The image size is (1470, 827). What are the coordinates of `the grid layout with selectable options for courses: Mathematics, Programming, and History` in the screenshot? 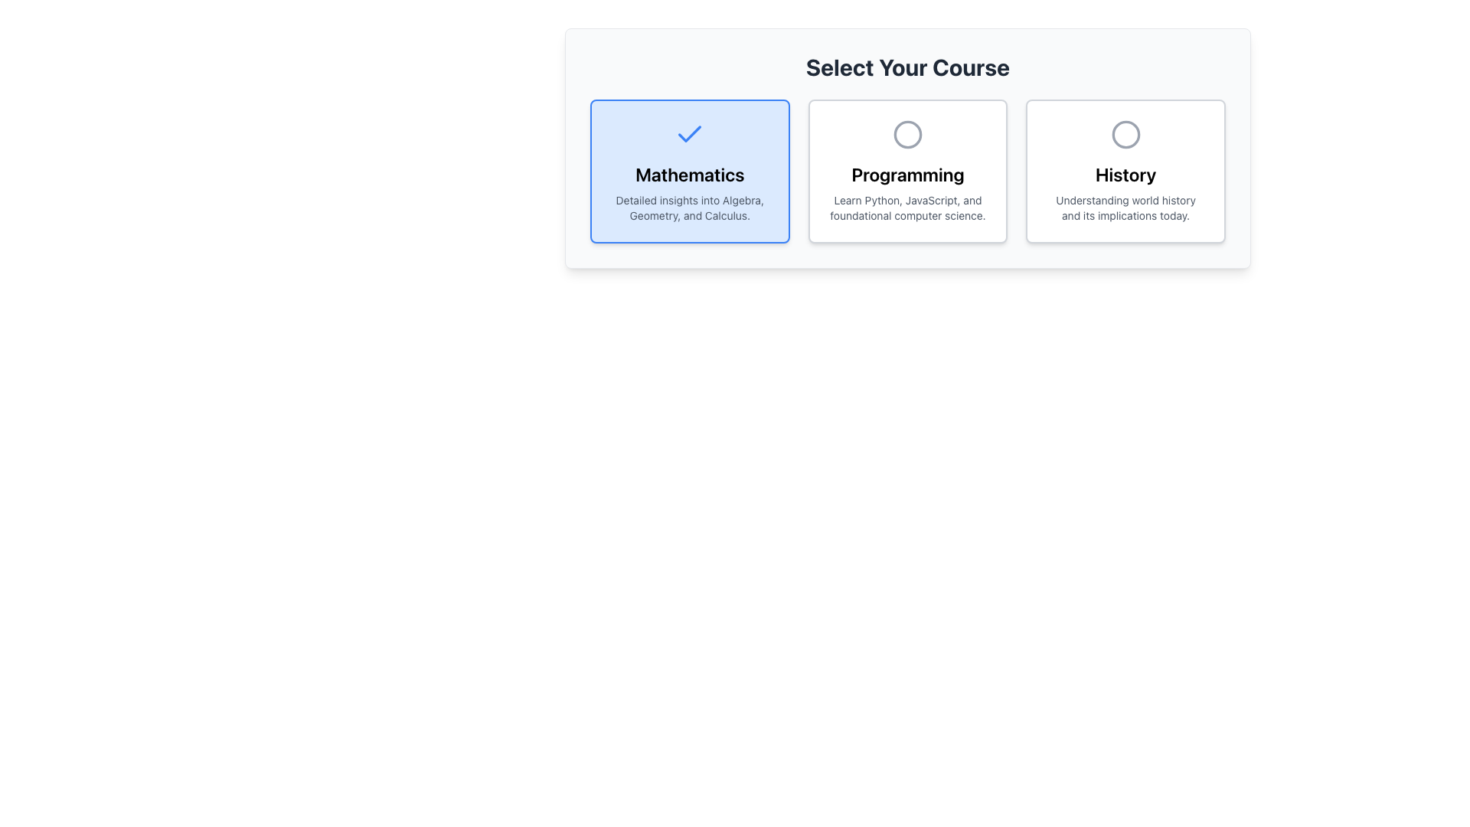 It's located at (907, 171).